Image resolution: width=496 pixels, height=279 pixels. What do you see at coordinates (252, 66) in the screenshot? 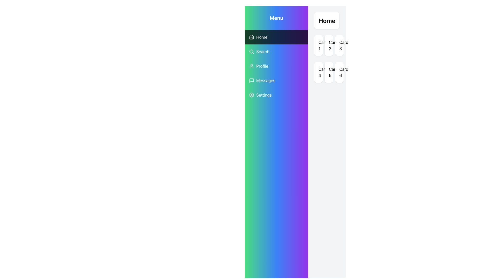
I see `the user profile icon in the vertical navigation bar` at bounding box center [252, 66].